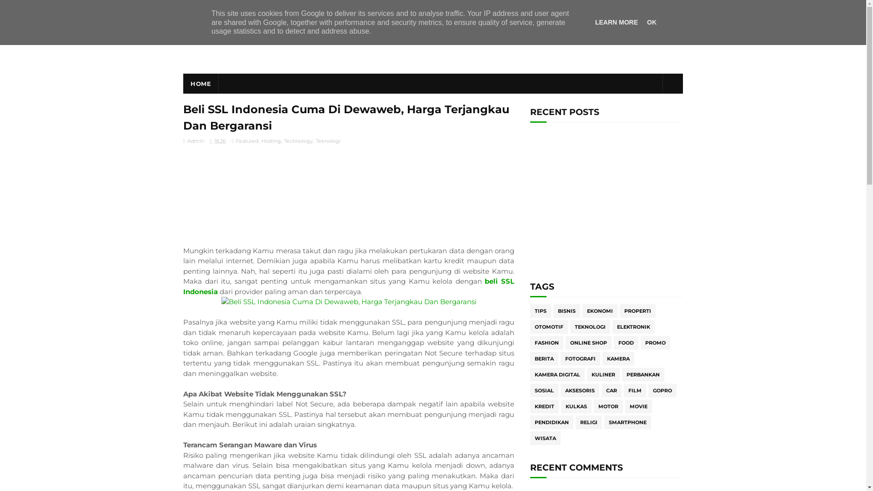  Describe the element at coordinates (655, 342) in the screenshot. I see `'PROMO'` at that location.